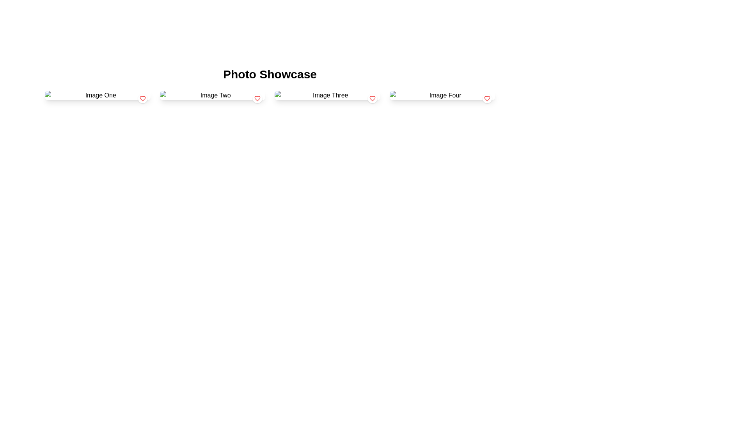 Image resolution: width=749 pixels, height=421 pixels. What do you see at coordinates (486, 98) in the screenshot?
I see `the heart-shaped SVG icon button located at the far right of the image gallery to mark it as favorite` at bounding box center [486, 98].